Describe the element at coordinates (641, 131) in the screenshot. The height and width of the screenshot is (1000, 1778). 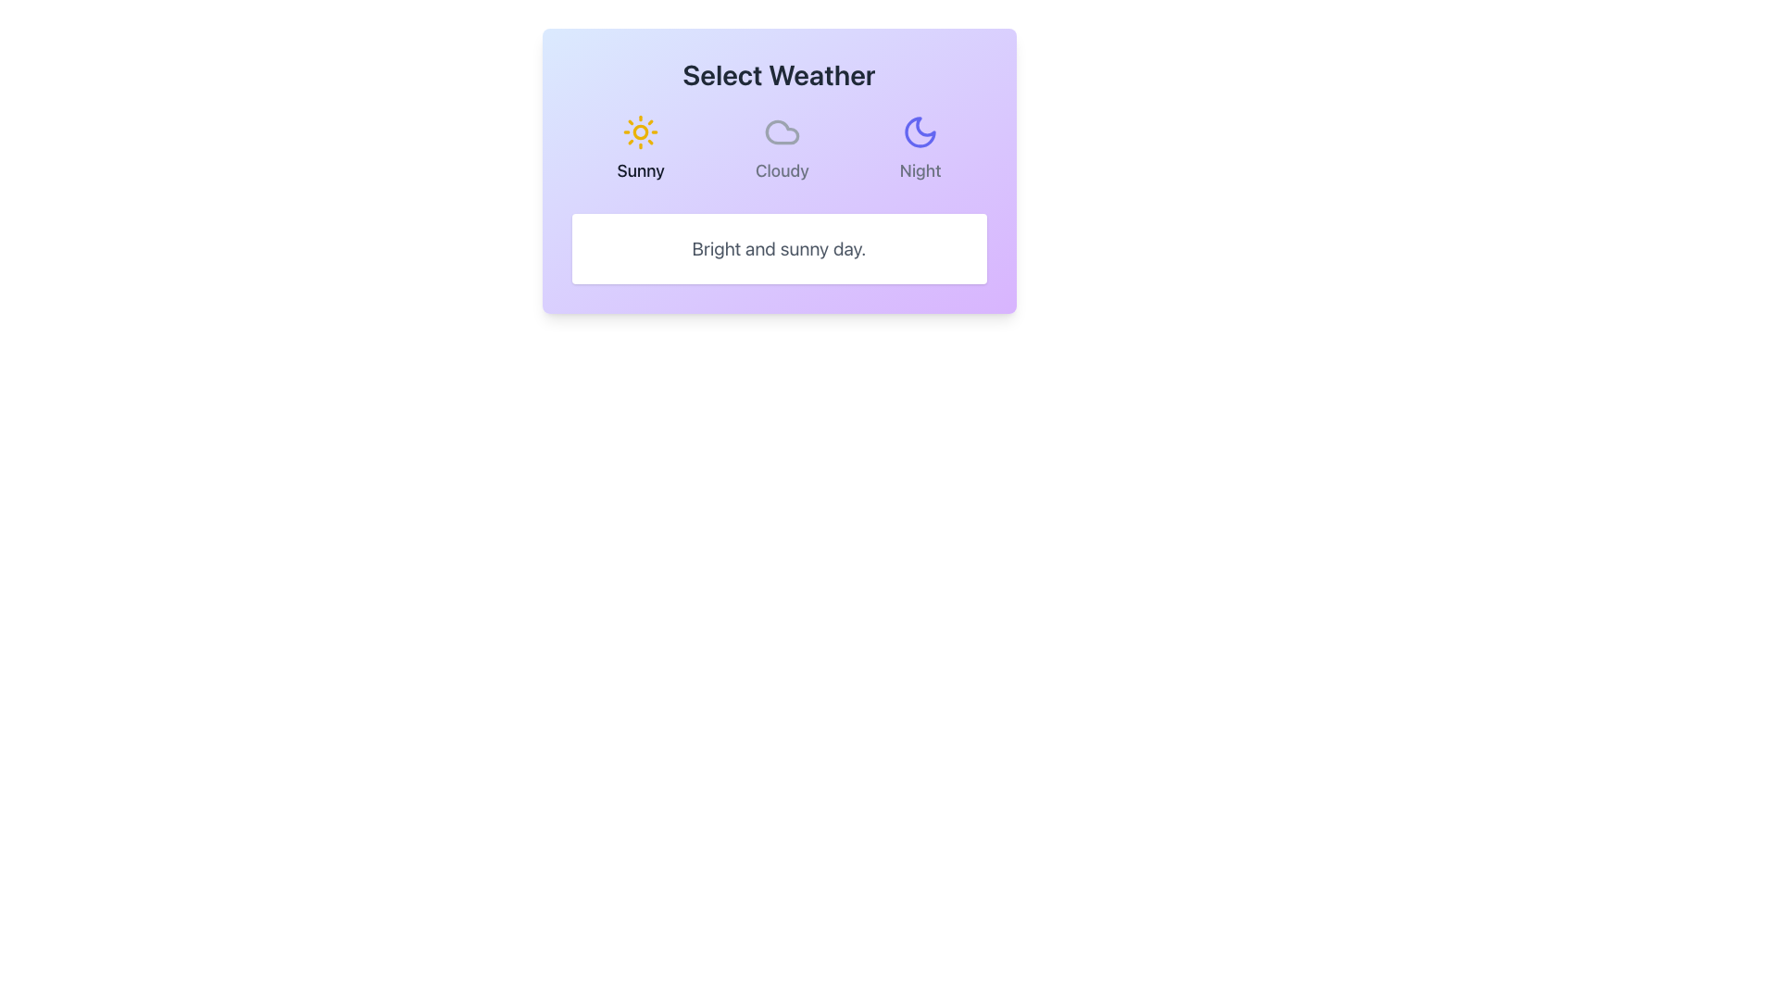
I see `the 'Sunny' weather icon located on the leftmost side of the horizontal group of weather options above the label 'Sunny'` at that location.